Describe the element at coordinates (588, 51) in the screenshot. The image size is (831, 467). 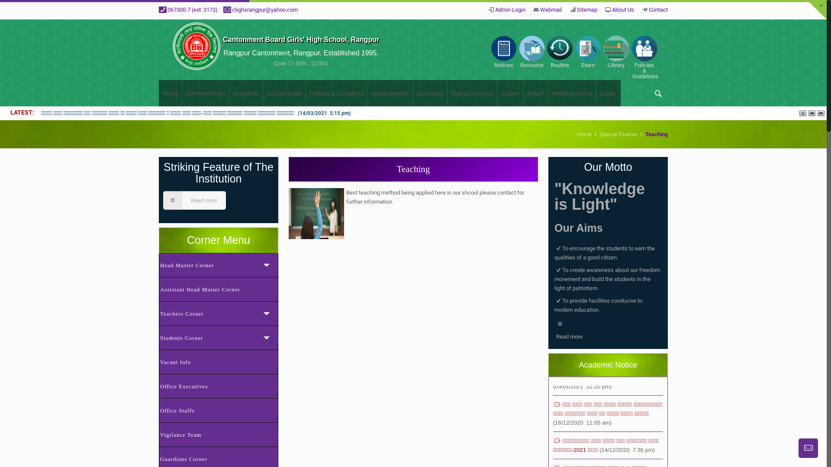
I see `'Exam'` at that location.